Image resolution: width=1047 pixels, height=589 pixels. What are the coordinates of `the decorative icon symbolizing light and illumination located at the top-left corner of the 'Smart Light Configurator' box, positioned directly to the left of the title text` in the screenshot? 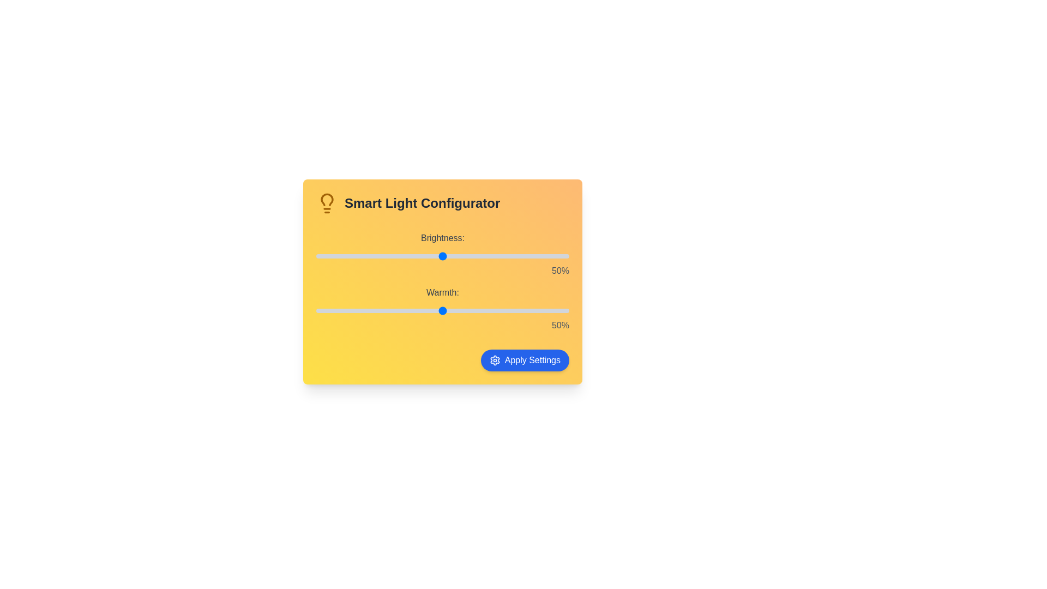 It's located at (327, 203).